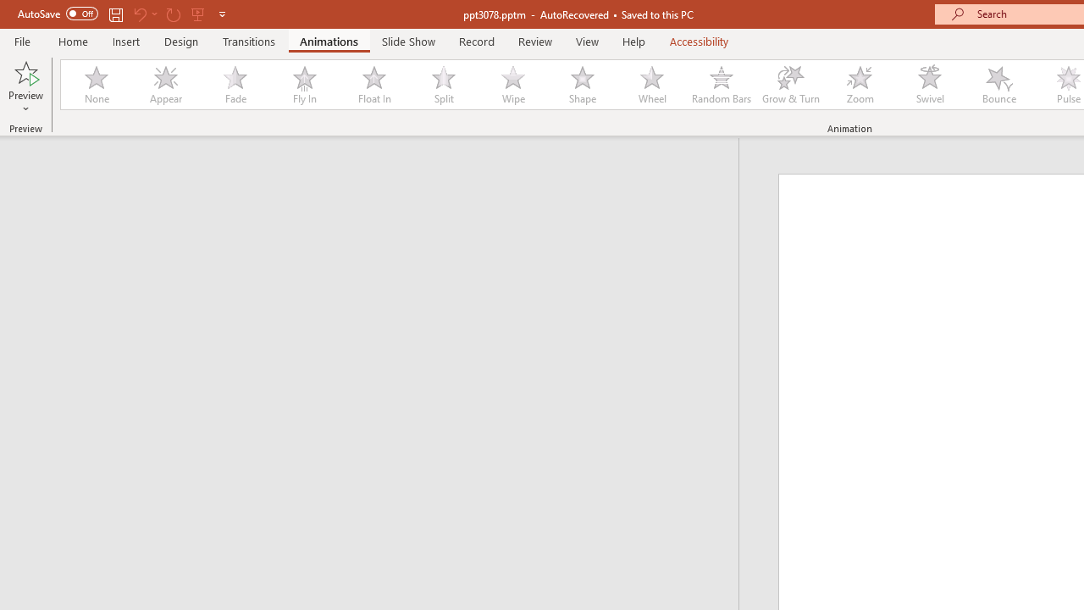  Describe the element at coordinates (144, 14) in the screenshot. I see `'Undo'` at that location.